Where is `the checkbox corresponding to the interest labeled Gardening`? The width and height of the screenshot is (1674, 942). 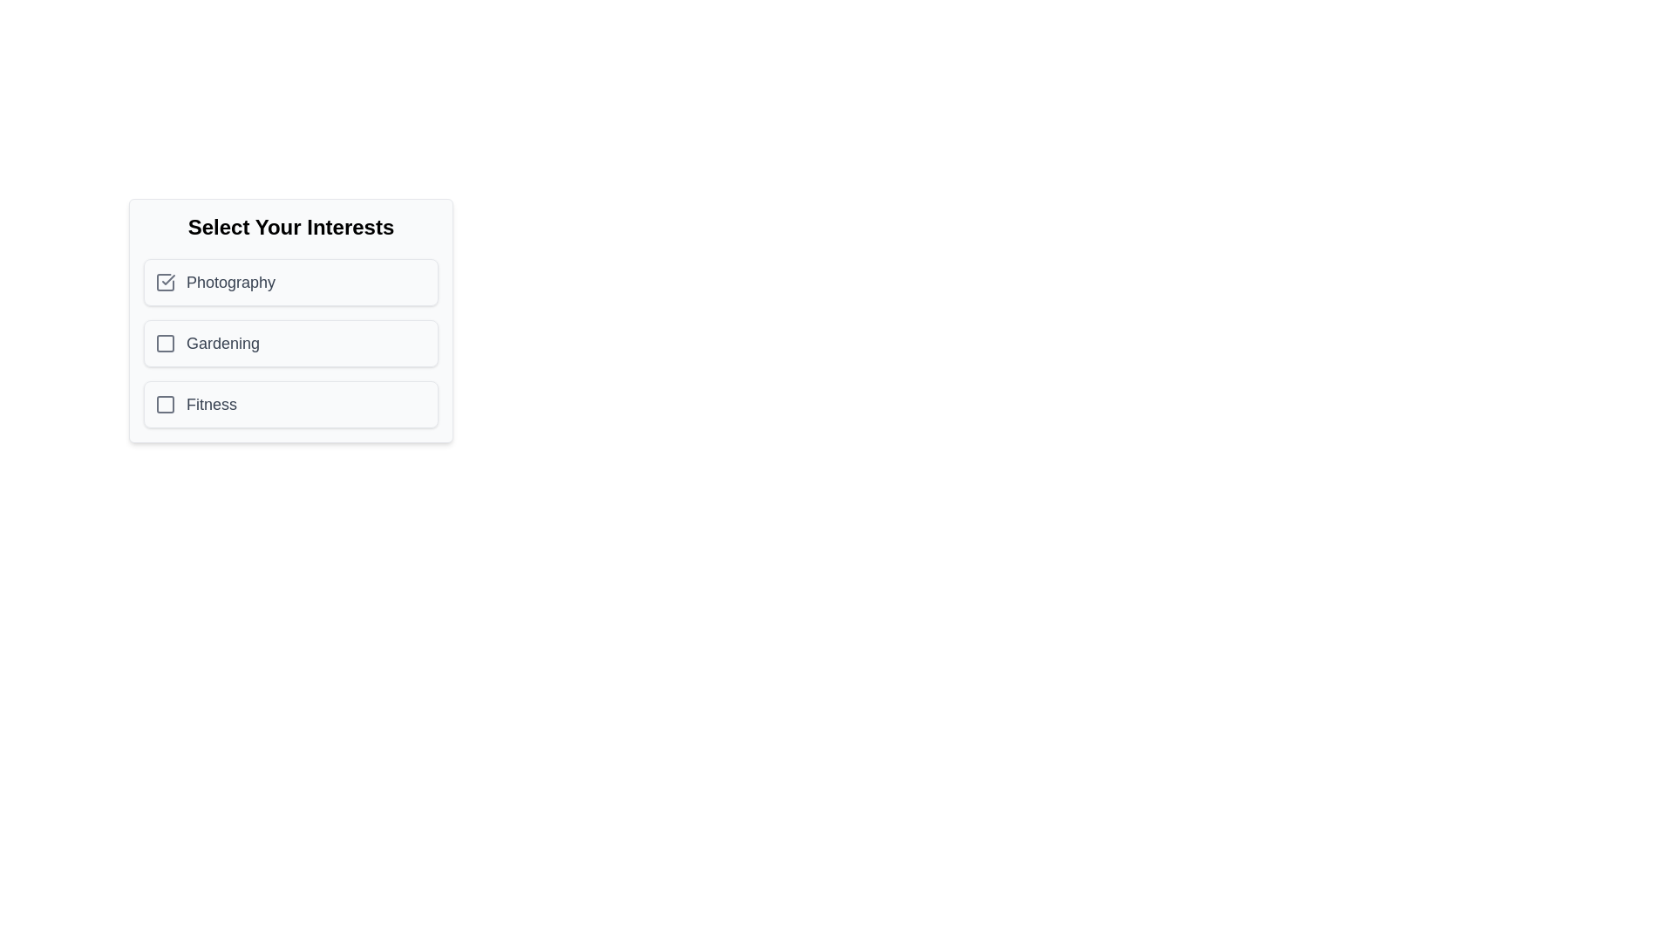 the checkbox corresponding to the interest labeled Gardening is located at coordinates (166, 343).